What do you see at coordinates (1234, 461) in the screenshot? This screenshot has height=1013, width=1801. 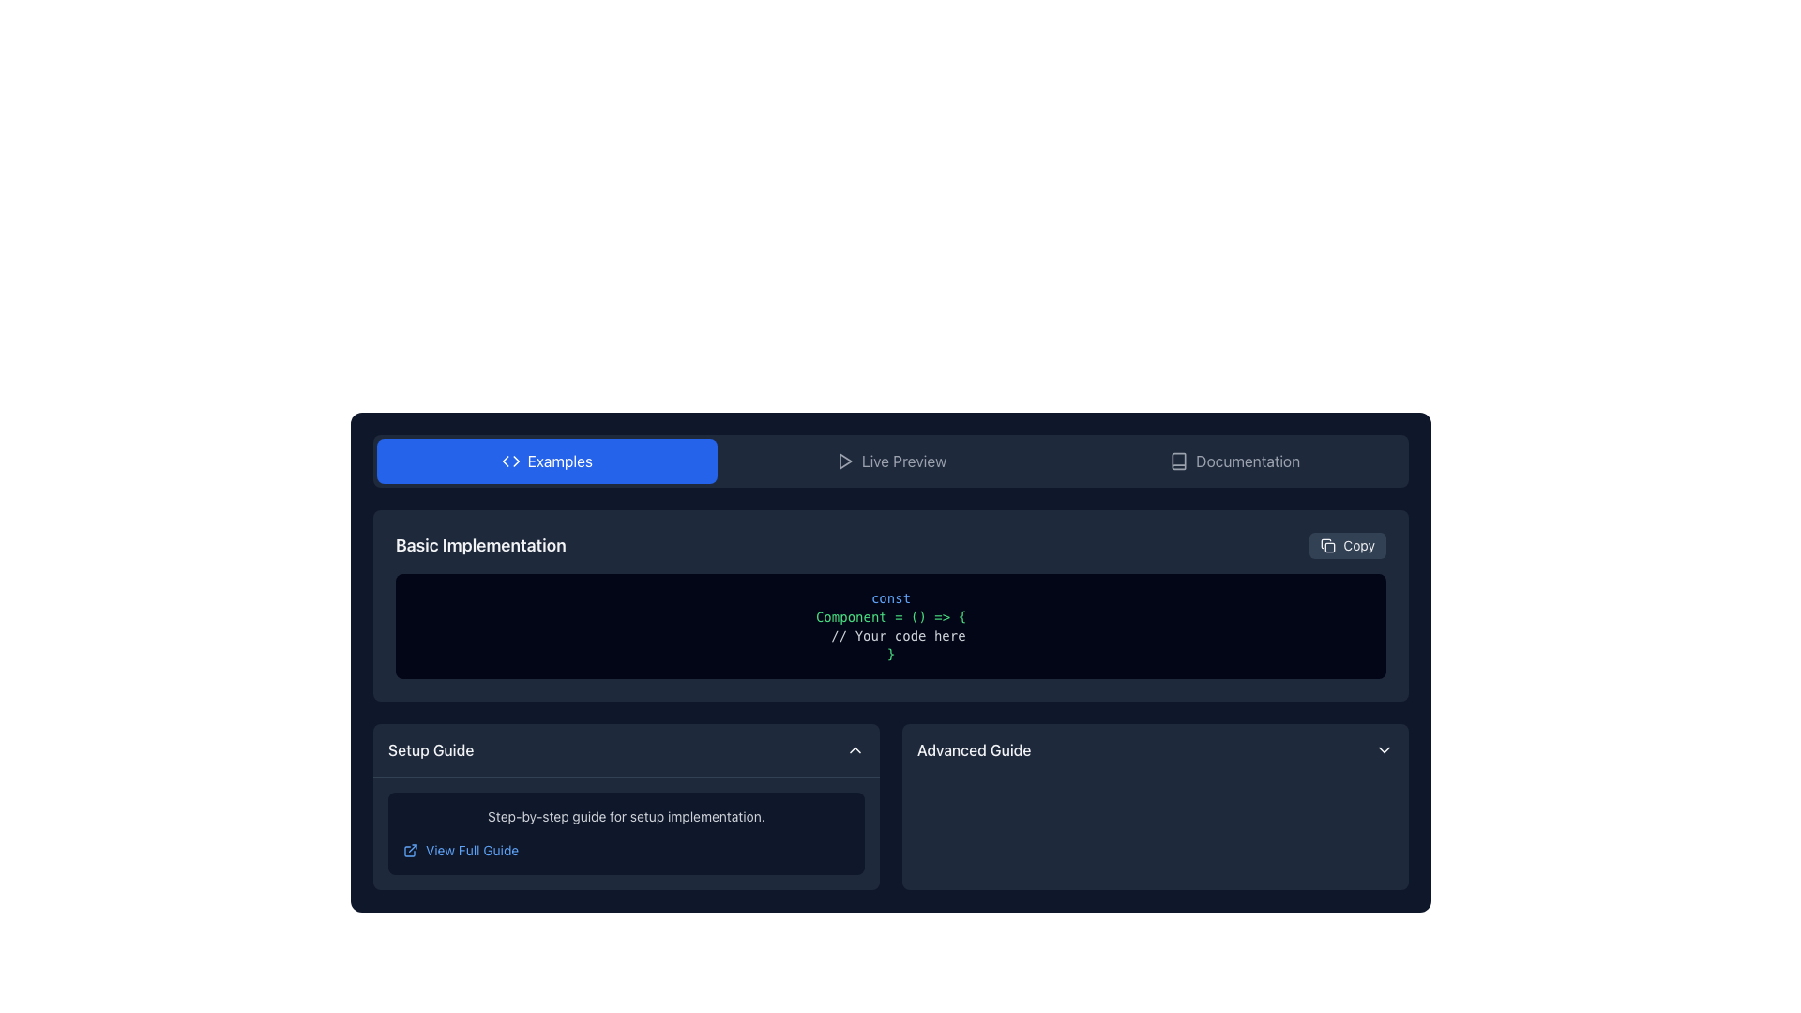 I see `the Documentation button located on the rightmost side within a horizontal group of three elements` at bounding box center [1234, 461].